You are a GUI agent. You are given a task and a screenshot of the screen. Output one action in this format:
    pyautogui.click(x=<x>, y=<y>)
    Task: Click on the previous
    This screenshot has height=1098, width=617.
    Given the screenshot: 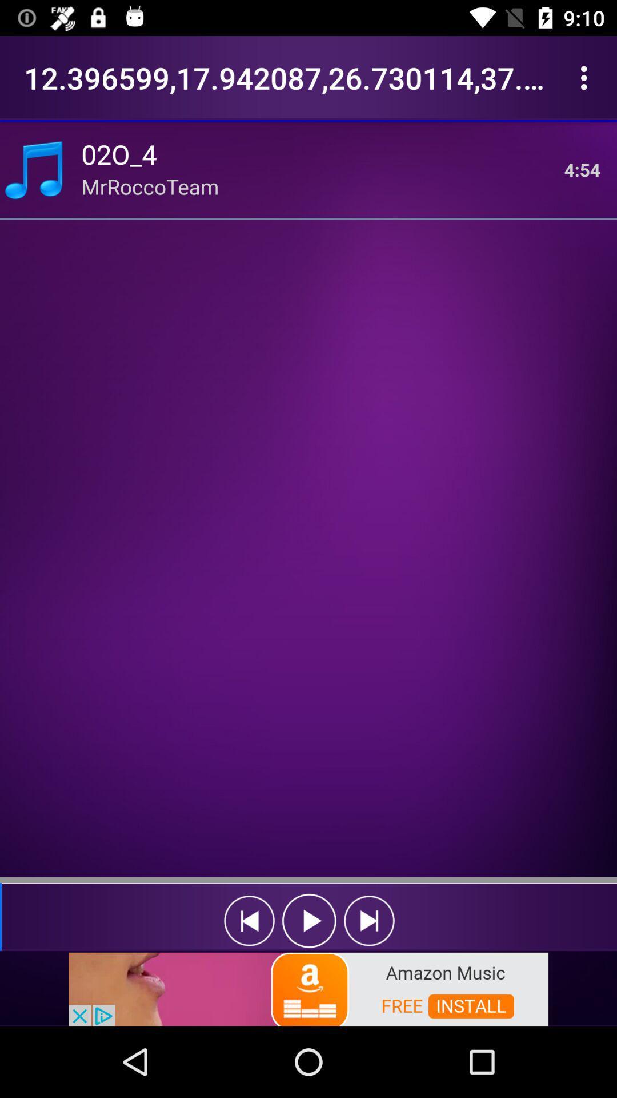 What is the action you would take?
    pyautogui.click(x=309, y=921)
    